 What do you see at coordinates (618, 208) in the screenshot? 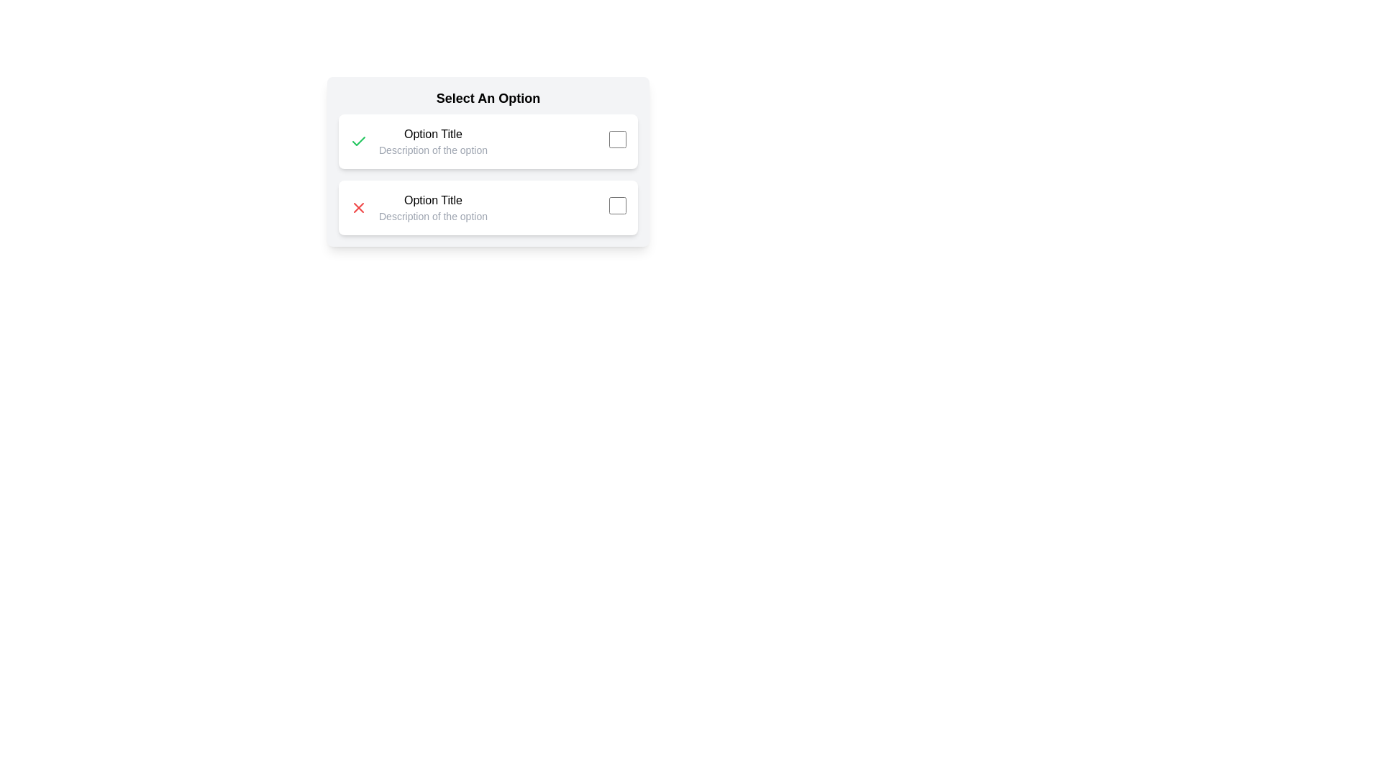
I see `the checkbox located at the far-right end of the second card, directly to the right of the text 'Option Title' and 'Description of the option'` at bounding box center [618, 208].